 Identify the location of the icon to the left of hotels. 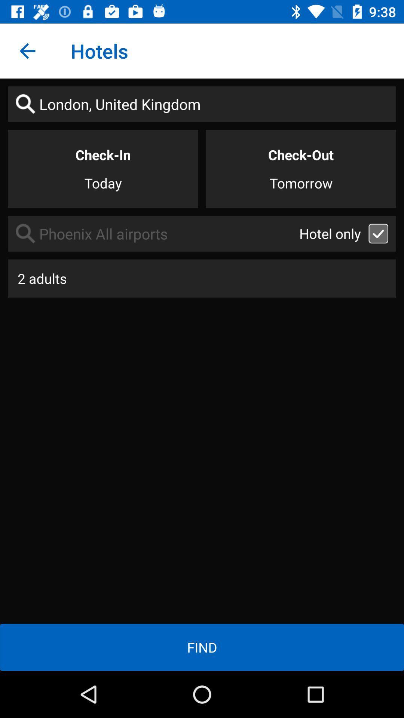
(27, 50).